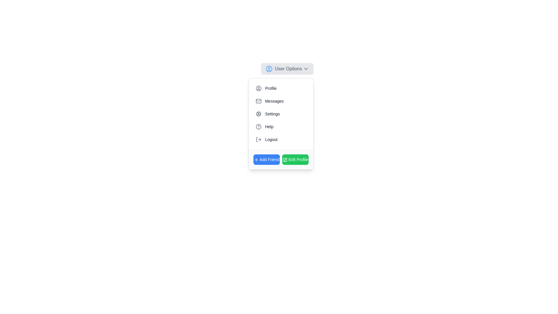 This screenshot has width=558, height=314. Describe the element at coordinates (269, 68) in the screenshot. I see `the user profile icon located in the top-left corner of the dropdown menu within the 'User Options' section` at that location.